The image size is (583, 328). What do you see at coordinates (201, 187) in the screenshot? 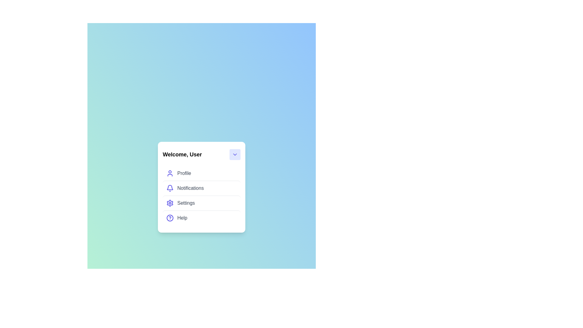
I see `the menu item Notifications in the UserProfileMenu` at bounding box center [201, 187].